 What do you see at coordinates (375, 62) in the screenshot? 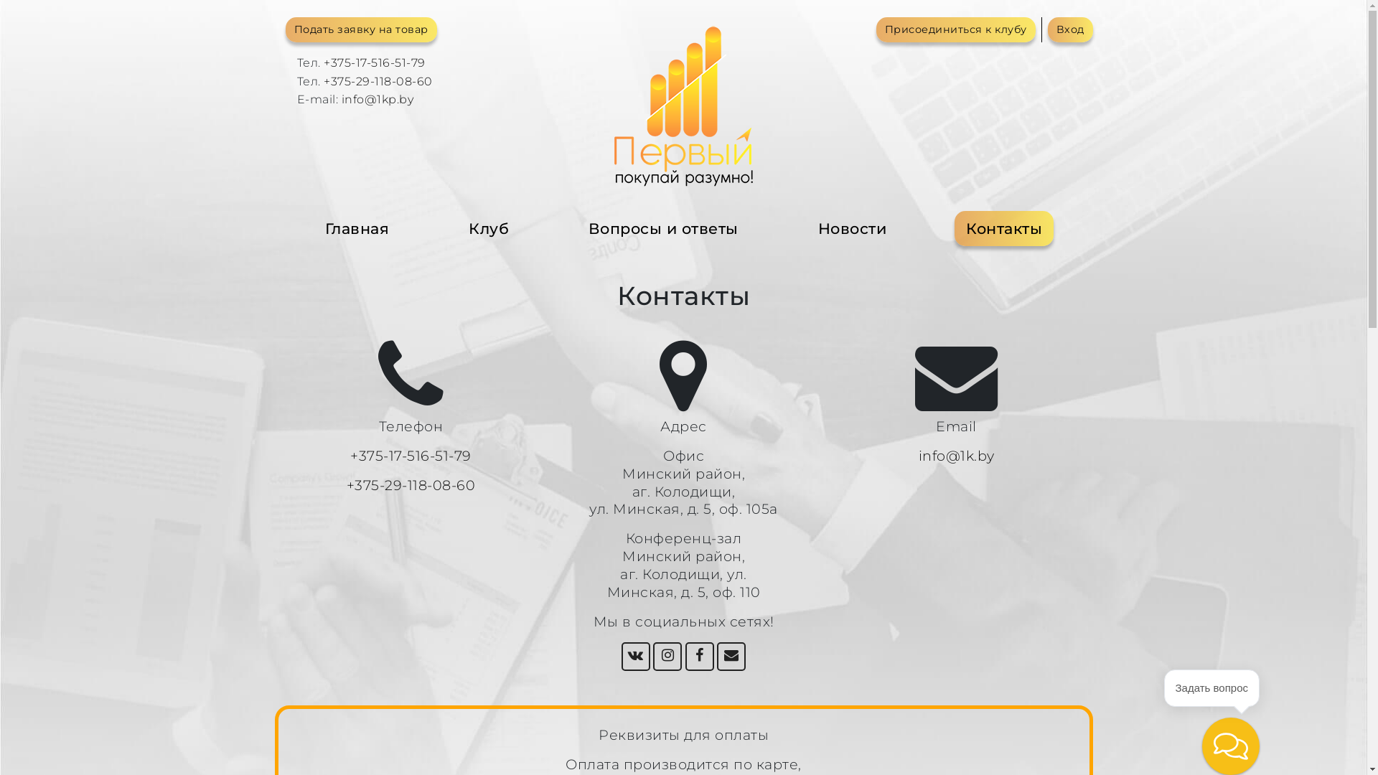
I see `'+375-17-516-51-79'` at bounding box center [375, 62].